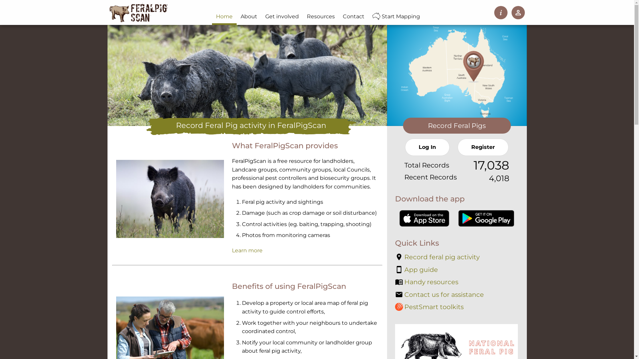 The height and width of the screenshot is (359, 639). Describe the element at coordinates (483, 147) in the screenshot. I see `'Register'` at that location.